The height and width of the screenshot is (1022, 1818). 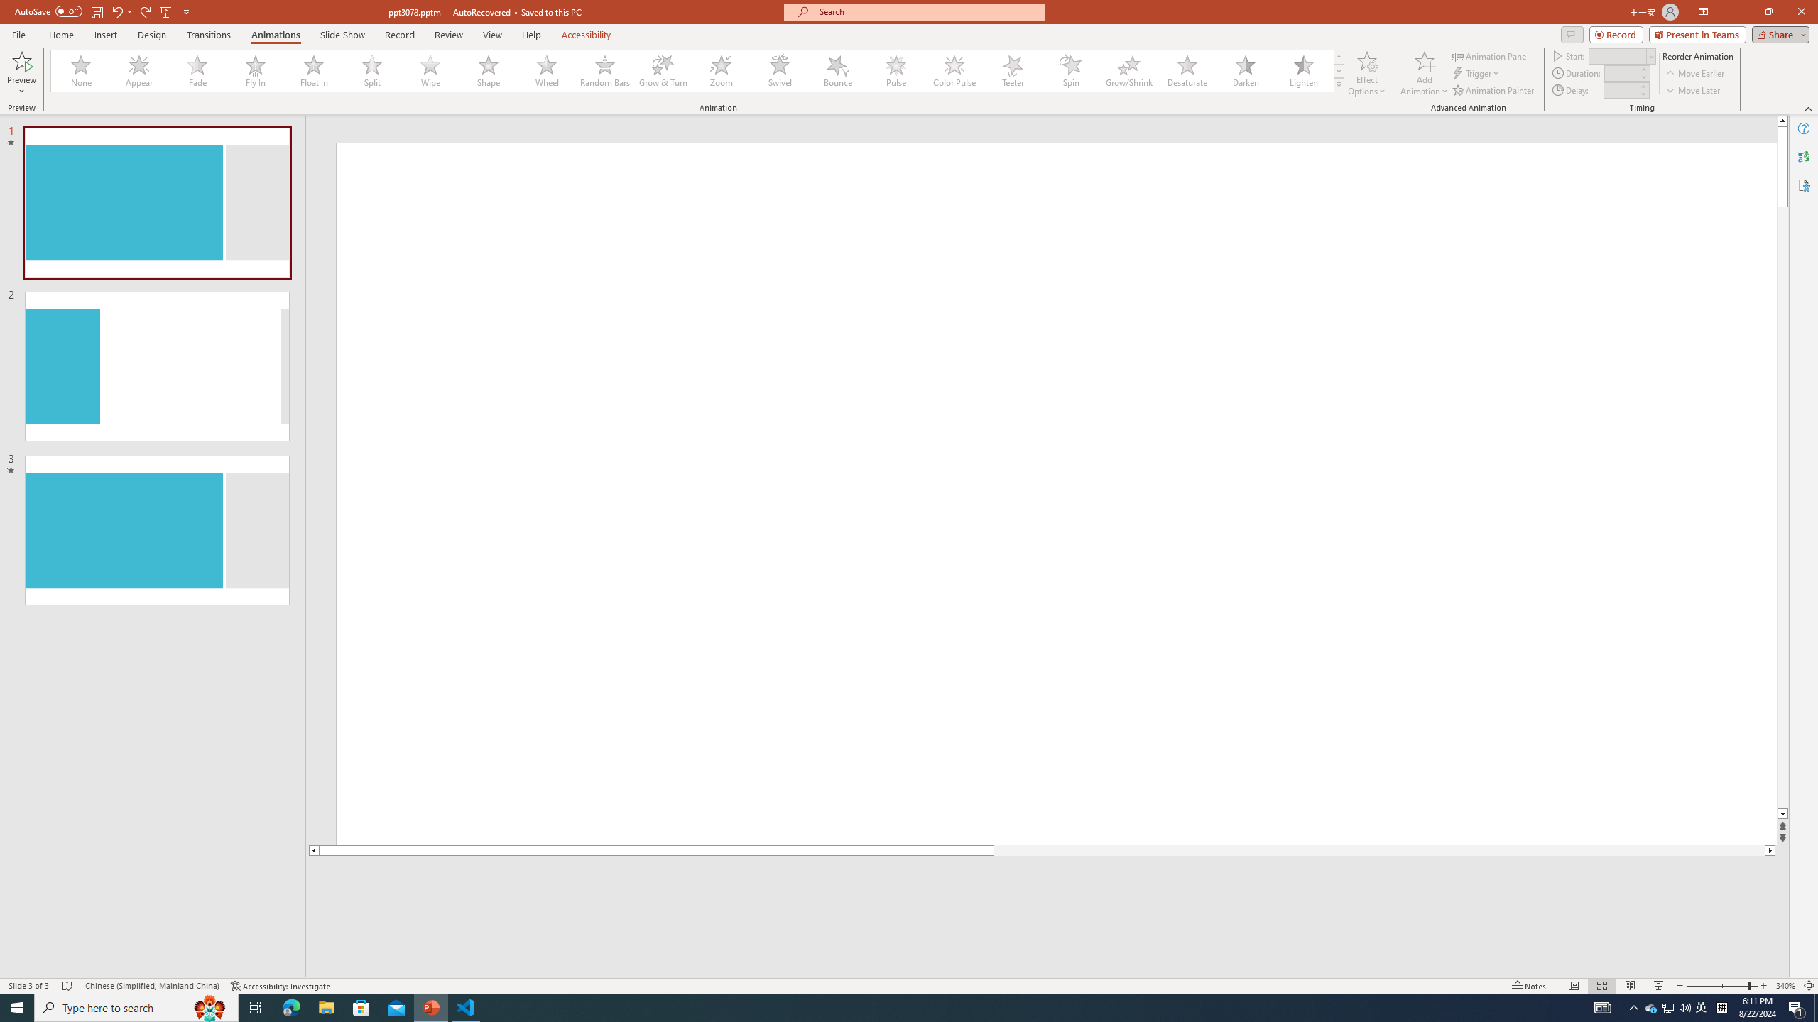 I want to click on 'Color Pulse', so click(x=954, y=70).